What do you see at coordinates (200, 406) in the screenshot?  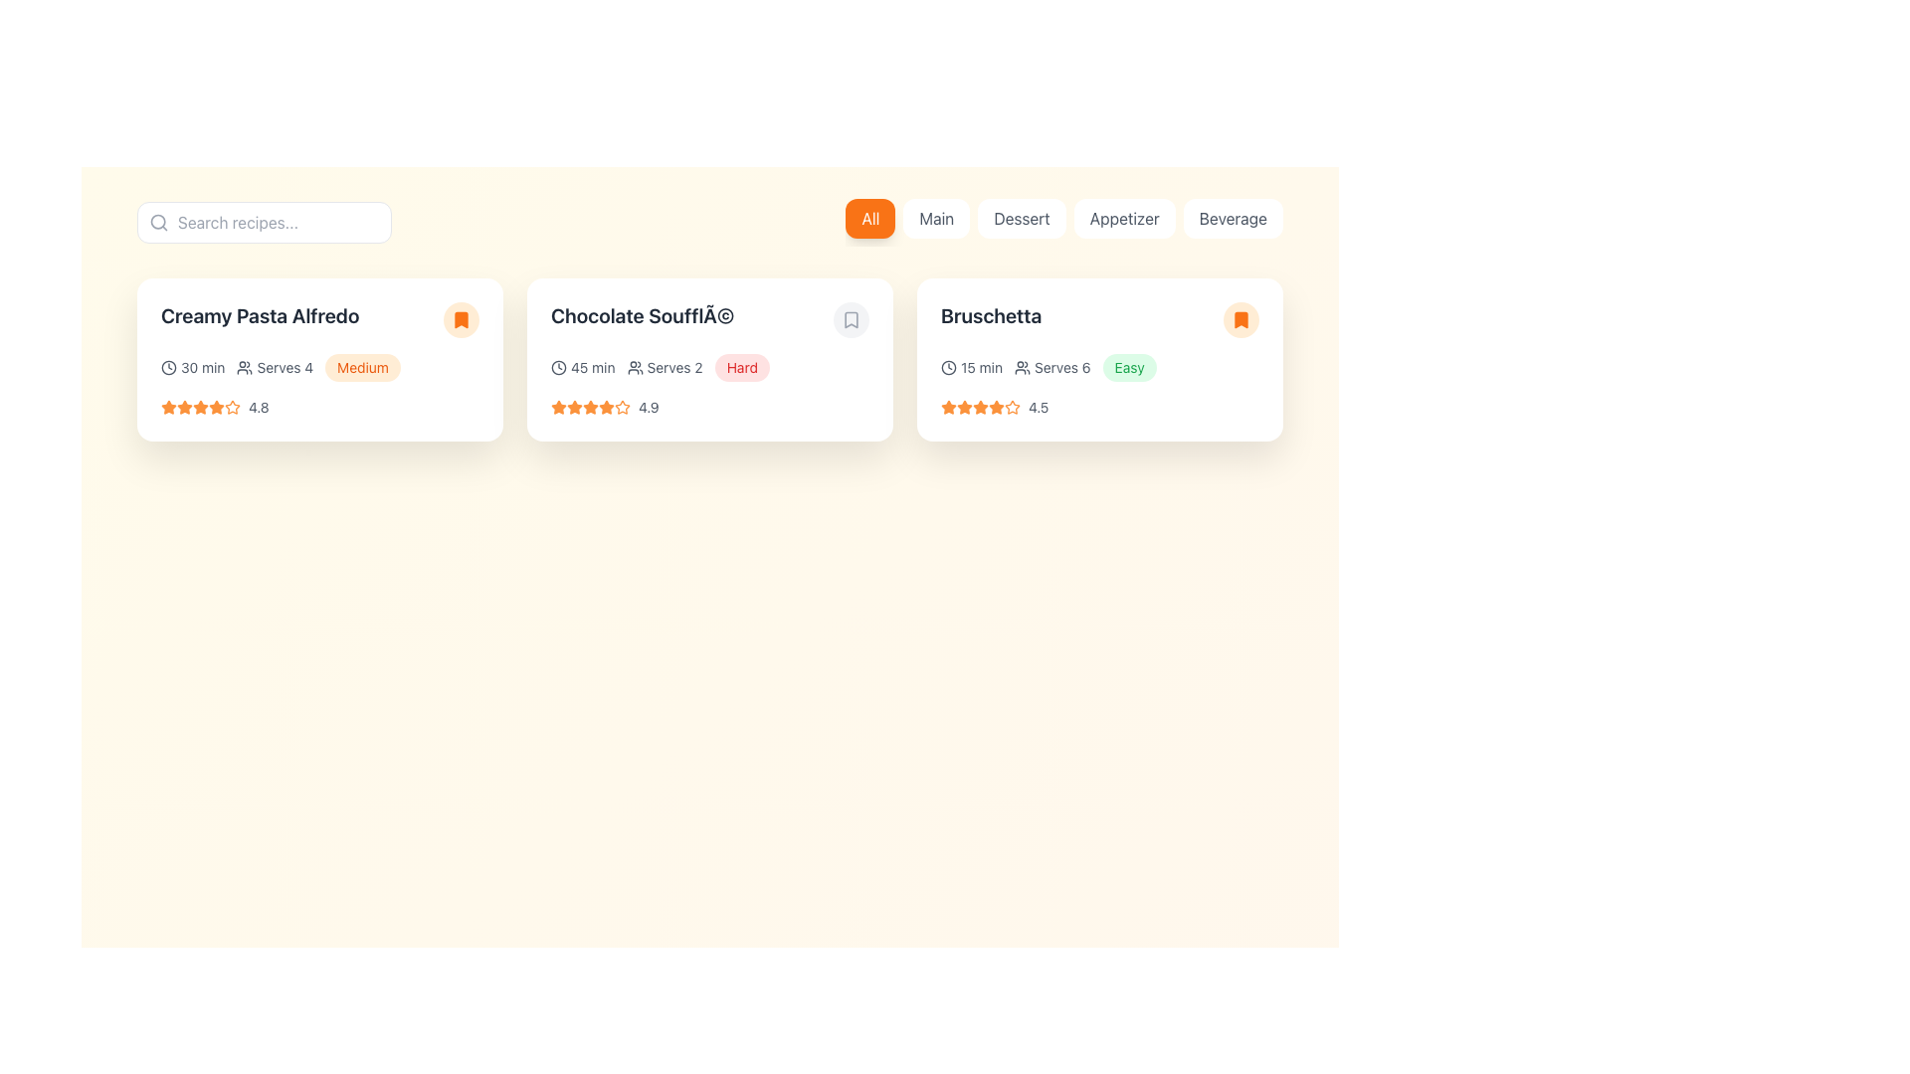 I see `the third star icon in the rating system for 'Creamy Pasta Alfredo' to interact with the rating feature` at bounding box center [200, 406].